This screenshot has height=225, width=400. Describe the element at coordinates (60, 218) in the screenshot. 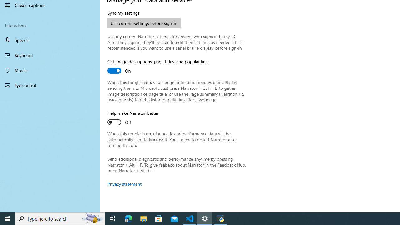

I see `'Type here to search'` at that location.